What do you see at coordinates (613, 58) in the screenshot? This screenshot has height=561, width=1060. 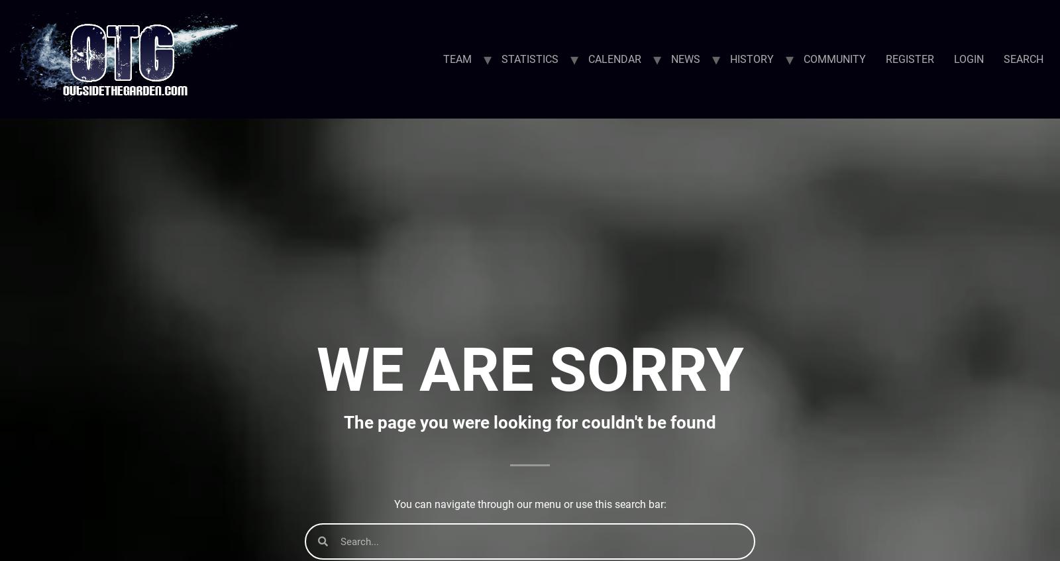 I see `'CALENDAR'` at bounding box center [613, 58].